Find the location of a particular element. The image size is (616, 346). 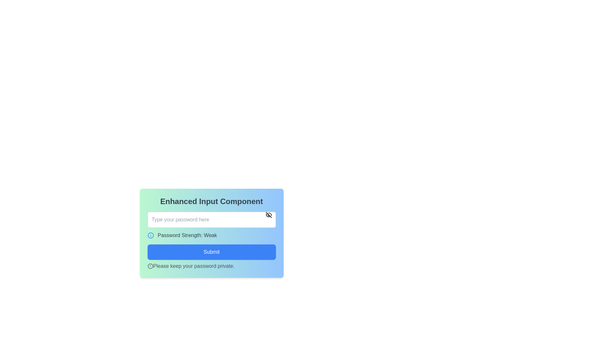

the password visibility toggle icon, which is a crossed-out eye pictograph located at the far right inside the password input field is located at coordinates (269, 215).